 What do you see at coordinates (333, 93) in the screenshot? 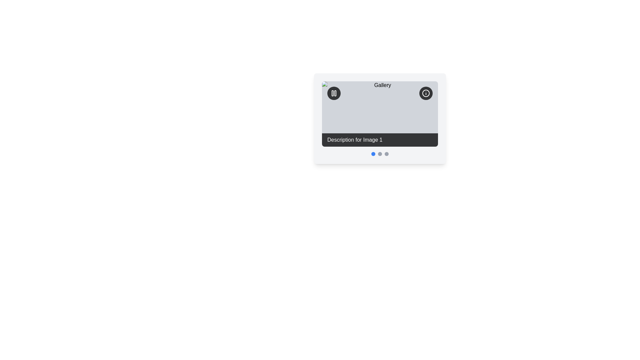
I see `the left segment of the pause icon, which is a narrow vertical rectangle with a black background` at bounding box center [333, 93].